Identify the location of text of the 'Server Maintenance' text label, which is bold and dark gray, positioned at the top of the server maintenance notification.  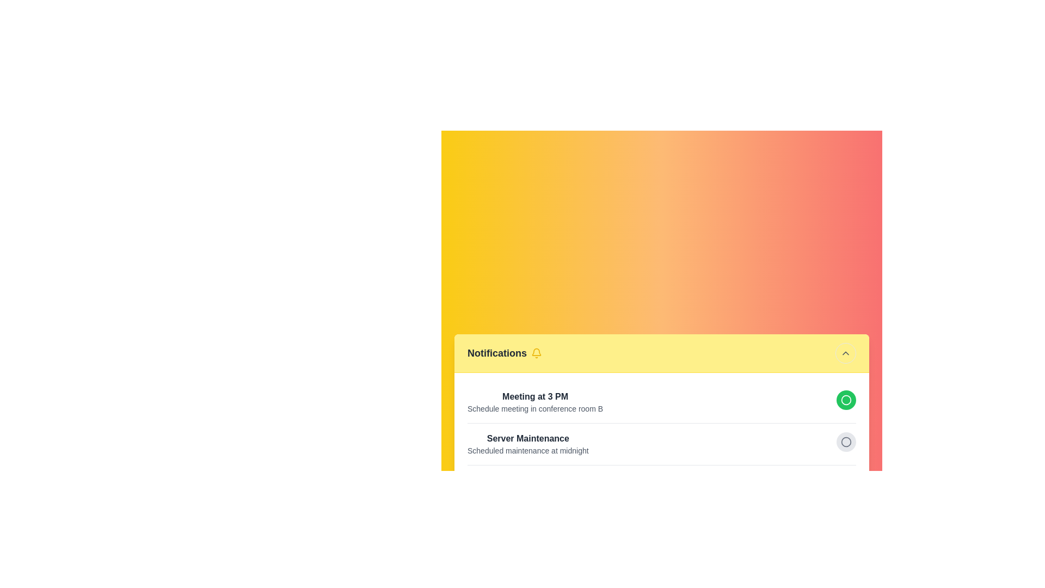
(528, 438).